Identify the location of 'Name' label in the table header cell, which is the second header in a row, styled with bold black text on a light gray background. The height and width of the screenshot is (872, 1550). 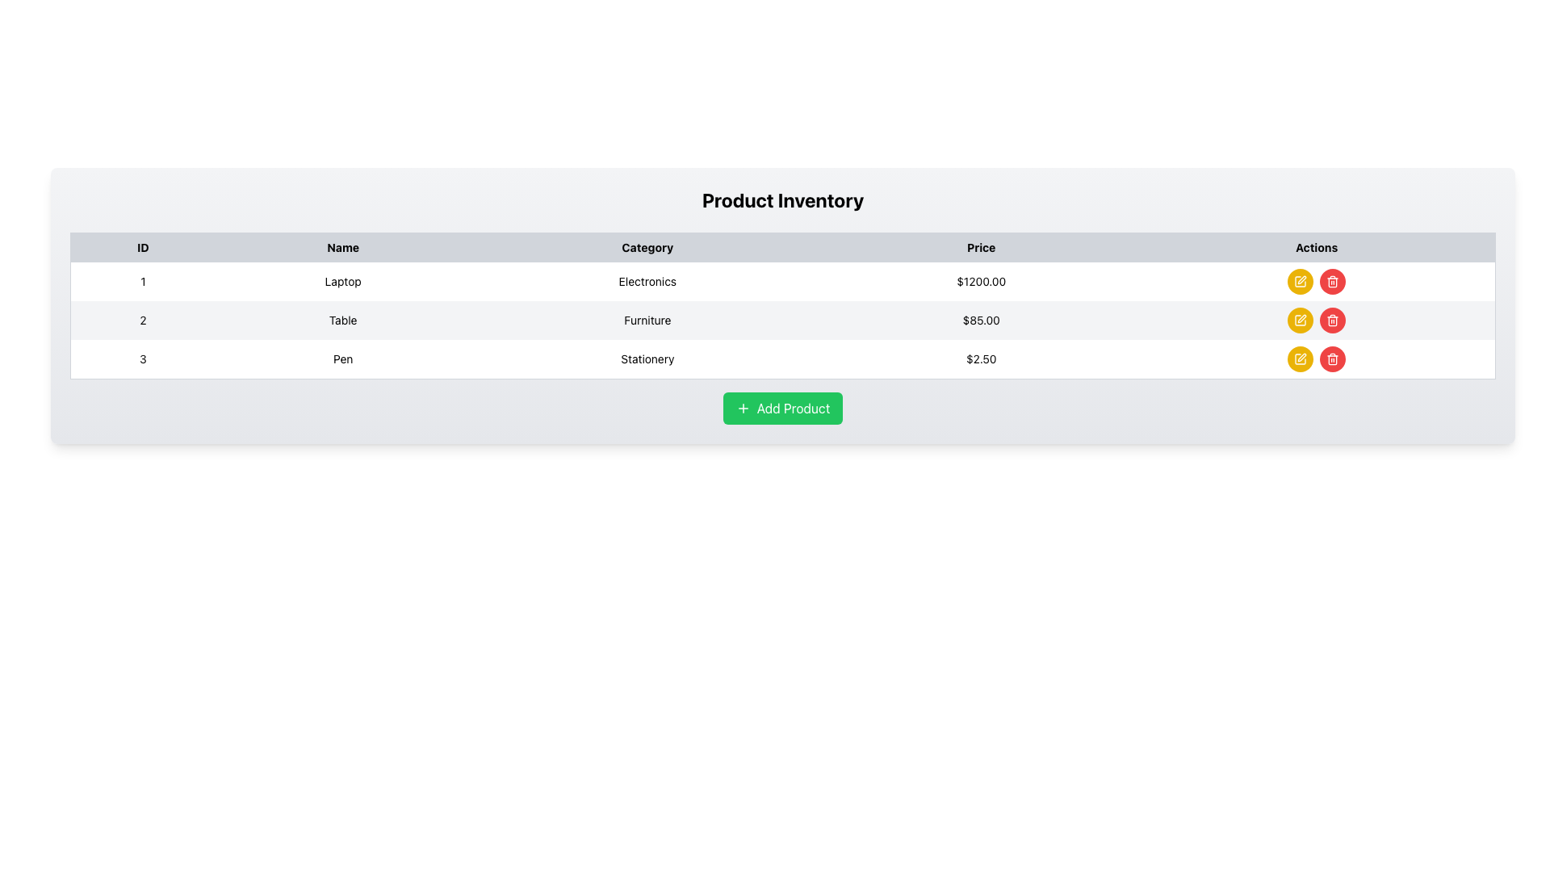
(342, 247).